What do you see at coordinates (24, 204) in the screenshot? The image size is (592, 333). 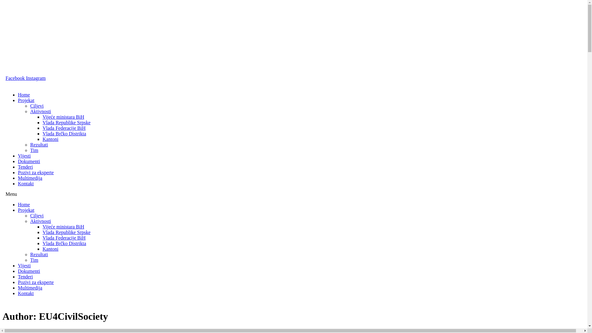 I see `'Home'` at bounding box center [24, 204].